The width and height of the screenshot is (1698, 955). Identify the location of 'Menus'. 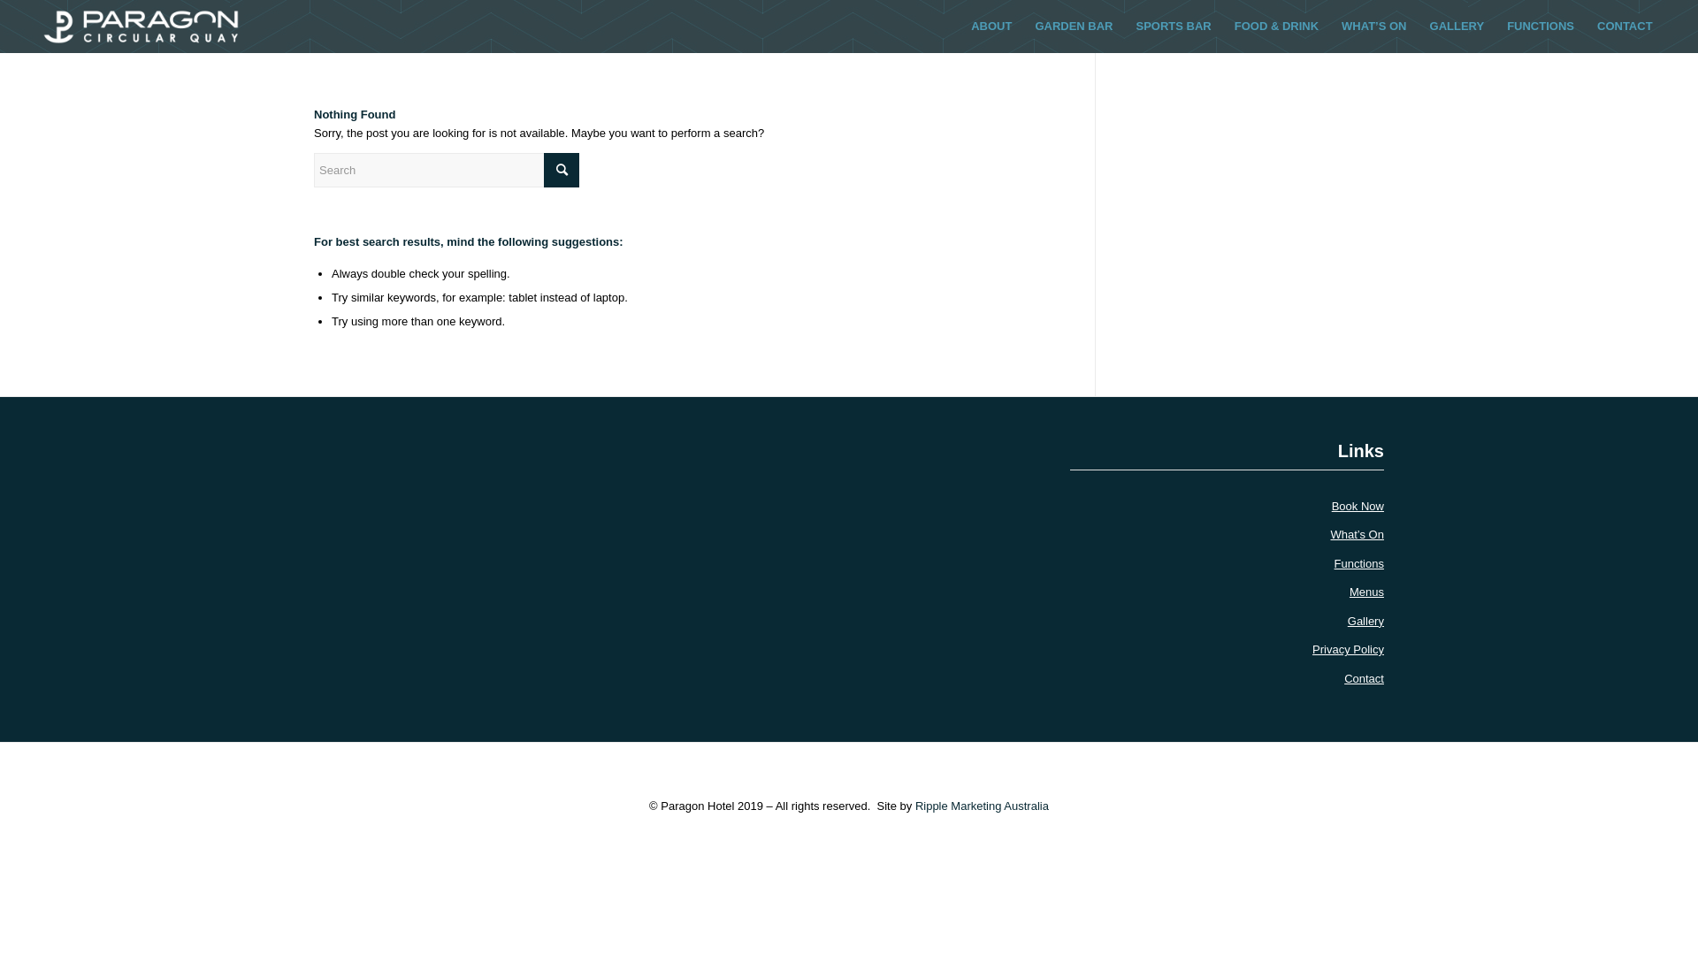
(1365, 592).